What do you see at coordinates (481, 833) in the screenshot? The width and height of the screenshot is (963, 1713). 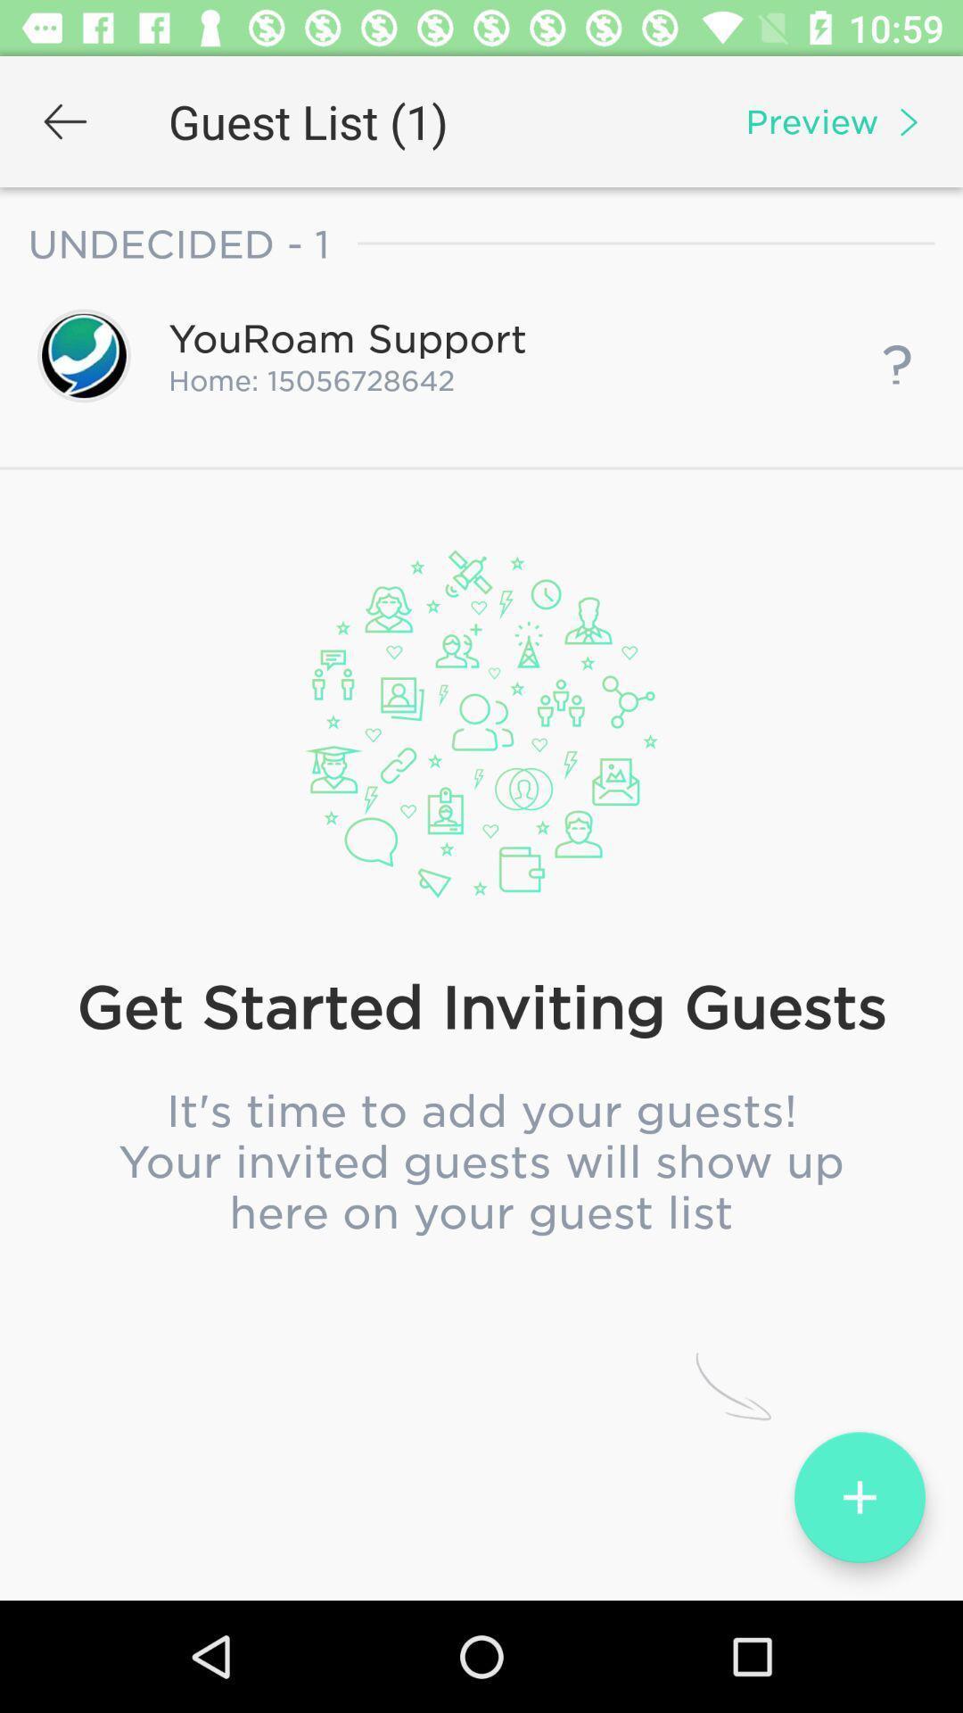 I see `the optional end date icon` at bounding box center [481, 833].